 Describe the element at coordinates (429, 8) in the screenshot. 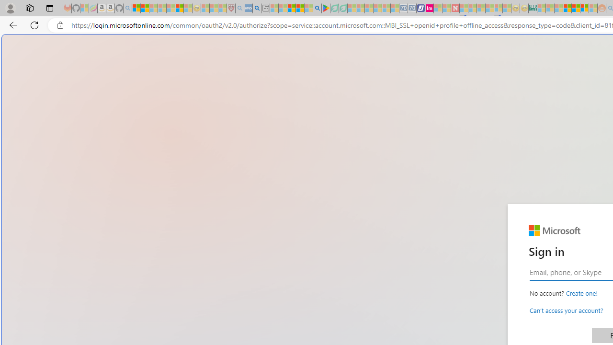

I see `'Jobs - lastminute.com Investor Portal'` at that location.